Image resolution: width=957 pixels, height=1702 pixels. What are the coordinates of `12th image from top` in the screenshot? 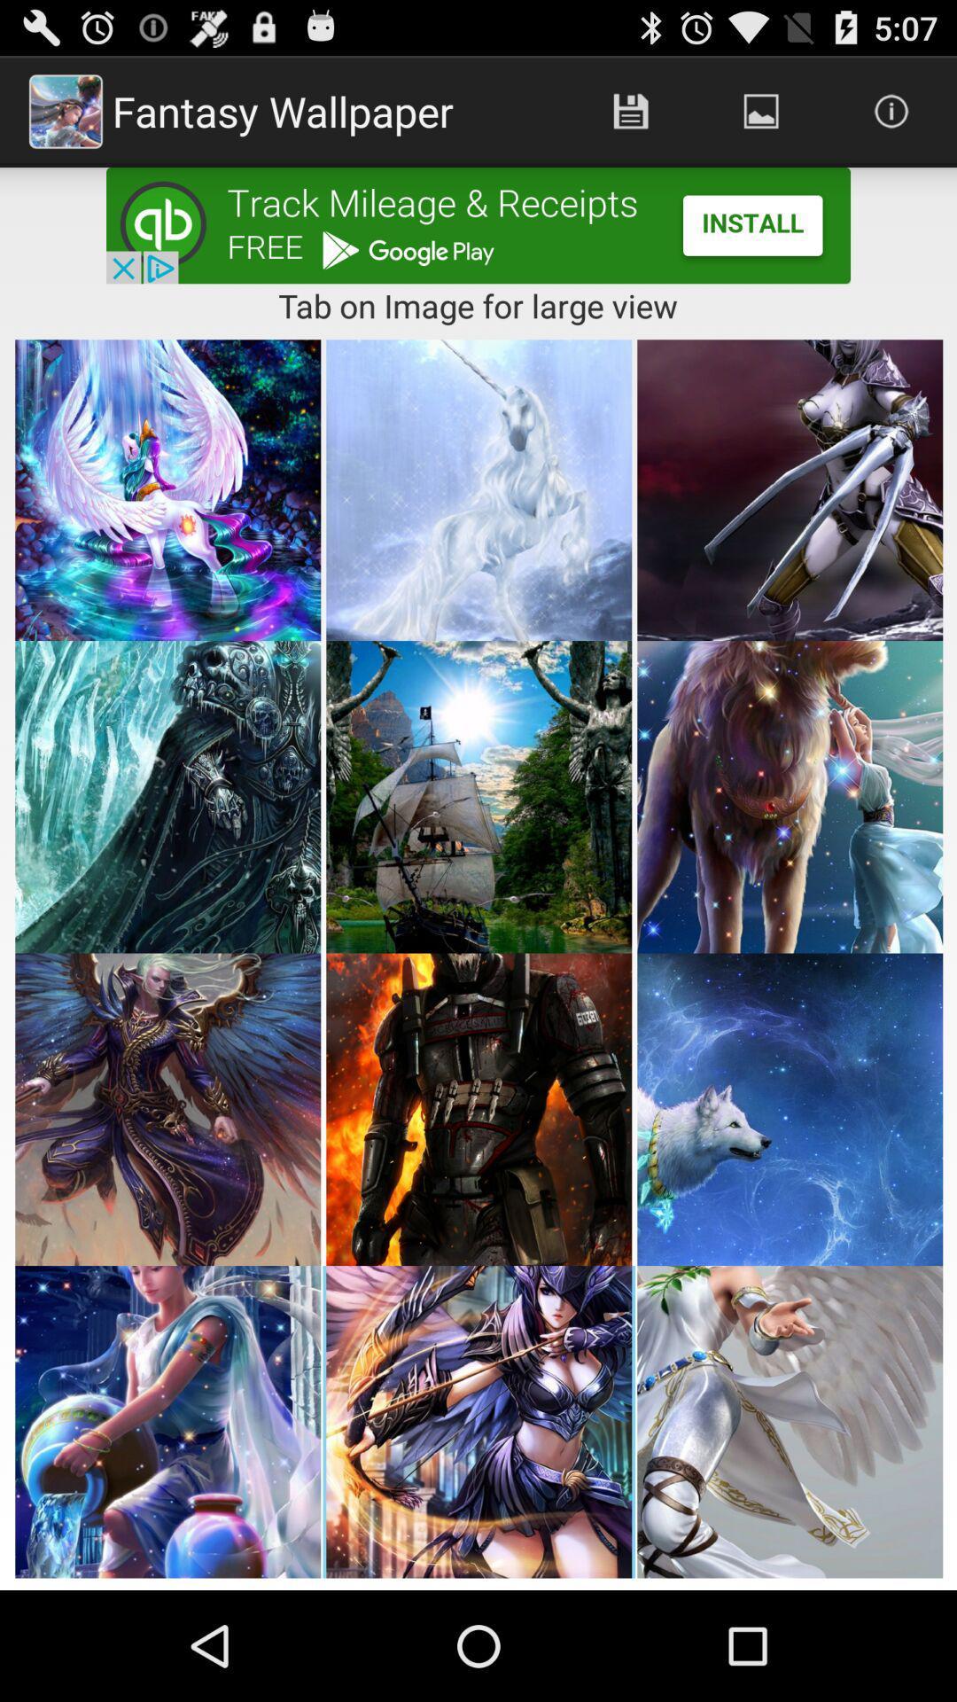 It's located at (789, 1422).